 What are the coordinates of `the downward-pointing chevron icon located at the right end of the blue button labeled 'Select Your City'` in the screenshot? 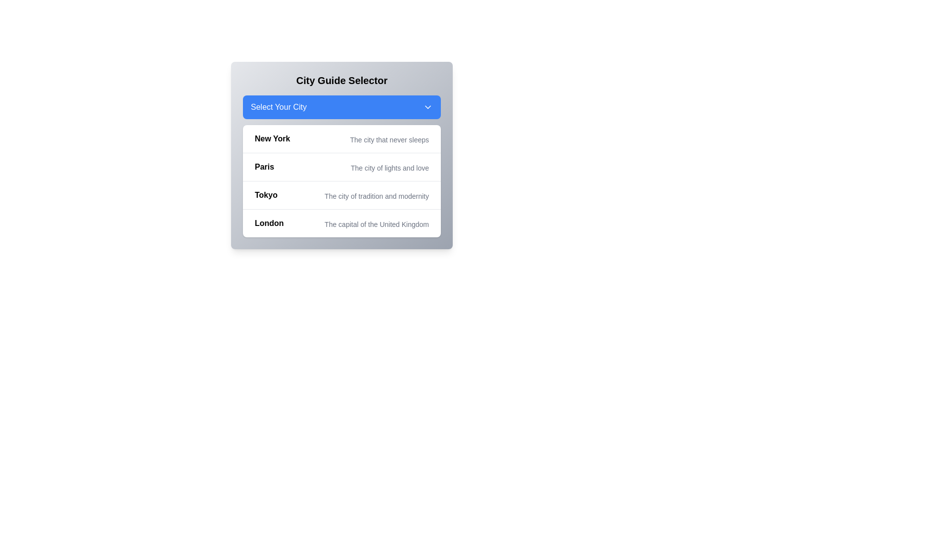 It's located at (427, 107).